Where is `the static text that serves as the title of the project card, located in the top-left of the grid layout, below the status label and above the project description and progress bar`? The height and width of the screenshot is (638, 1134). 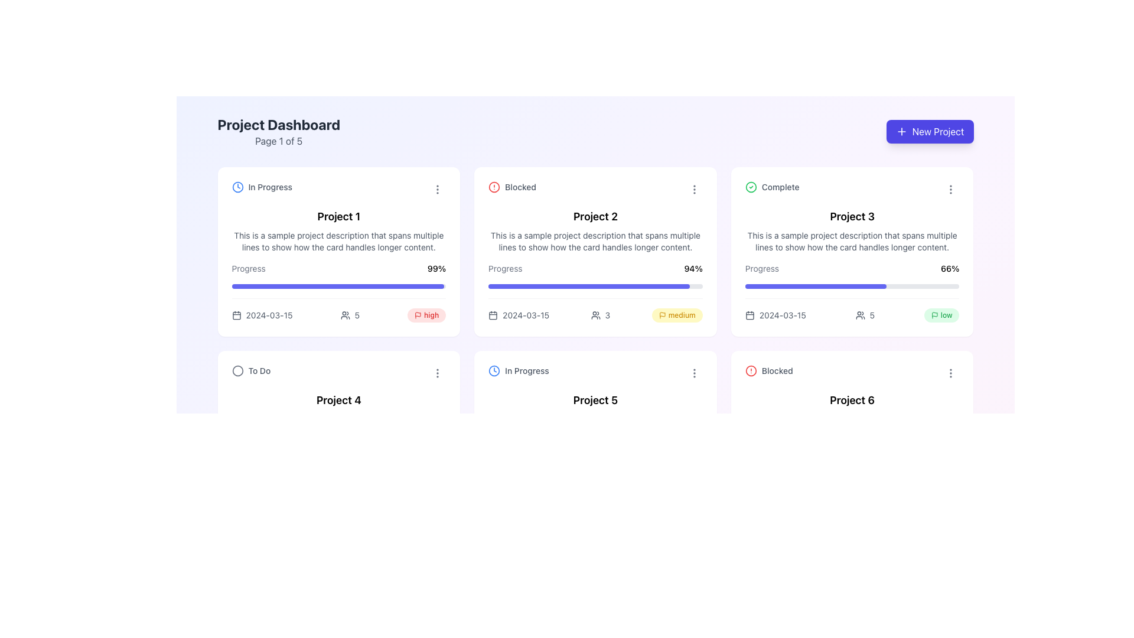
the static text that serves as the title of the project card, located in the top-left of the grid layout, below the status label and above the project description and progress bar is located at coordinates (338, 216).